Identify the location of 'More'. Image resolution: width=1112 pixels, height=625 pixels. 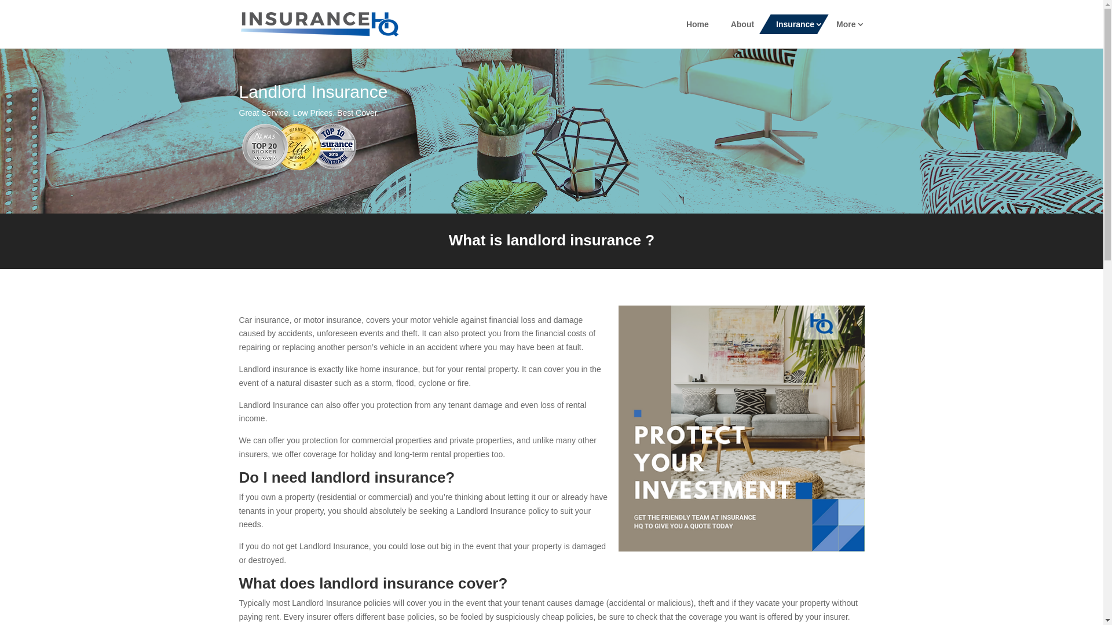
(846, 24).